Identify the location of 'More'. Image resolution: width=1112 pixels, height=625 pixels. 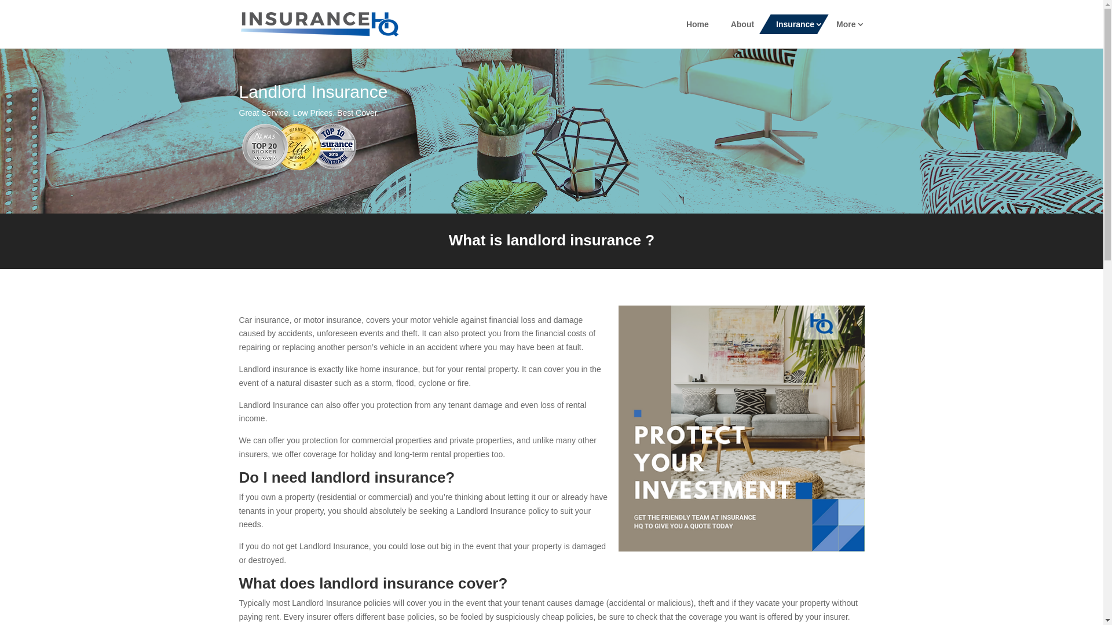
(846, 24).